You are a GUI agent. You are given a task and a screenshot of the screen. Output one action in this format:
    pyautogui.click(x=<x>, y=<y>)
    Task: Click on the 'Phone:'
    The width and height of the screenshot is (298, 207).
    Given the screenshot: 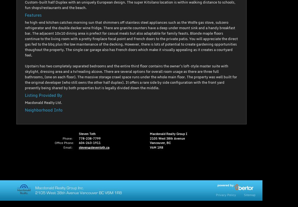 What is the action you would take?
    pyautogui.click(x=68, y=138)
    